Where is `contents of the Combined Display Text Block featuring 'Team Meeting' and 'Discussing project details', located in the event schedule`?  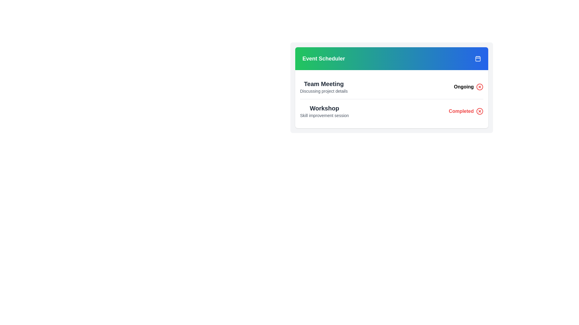 contents of the Combined Display Text Block featuring 'Team Meeting' and 'Discussing project details', located in the event schedule is located at coordinates (324, 87).